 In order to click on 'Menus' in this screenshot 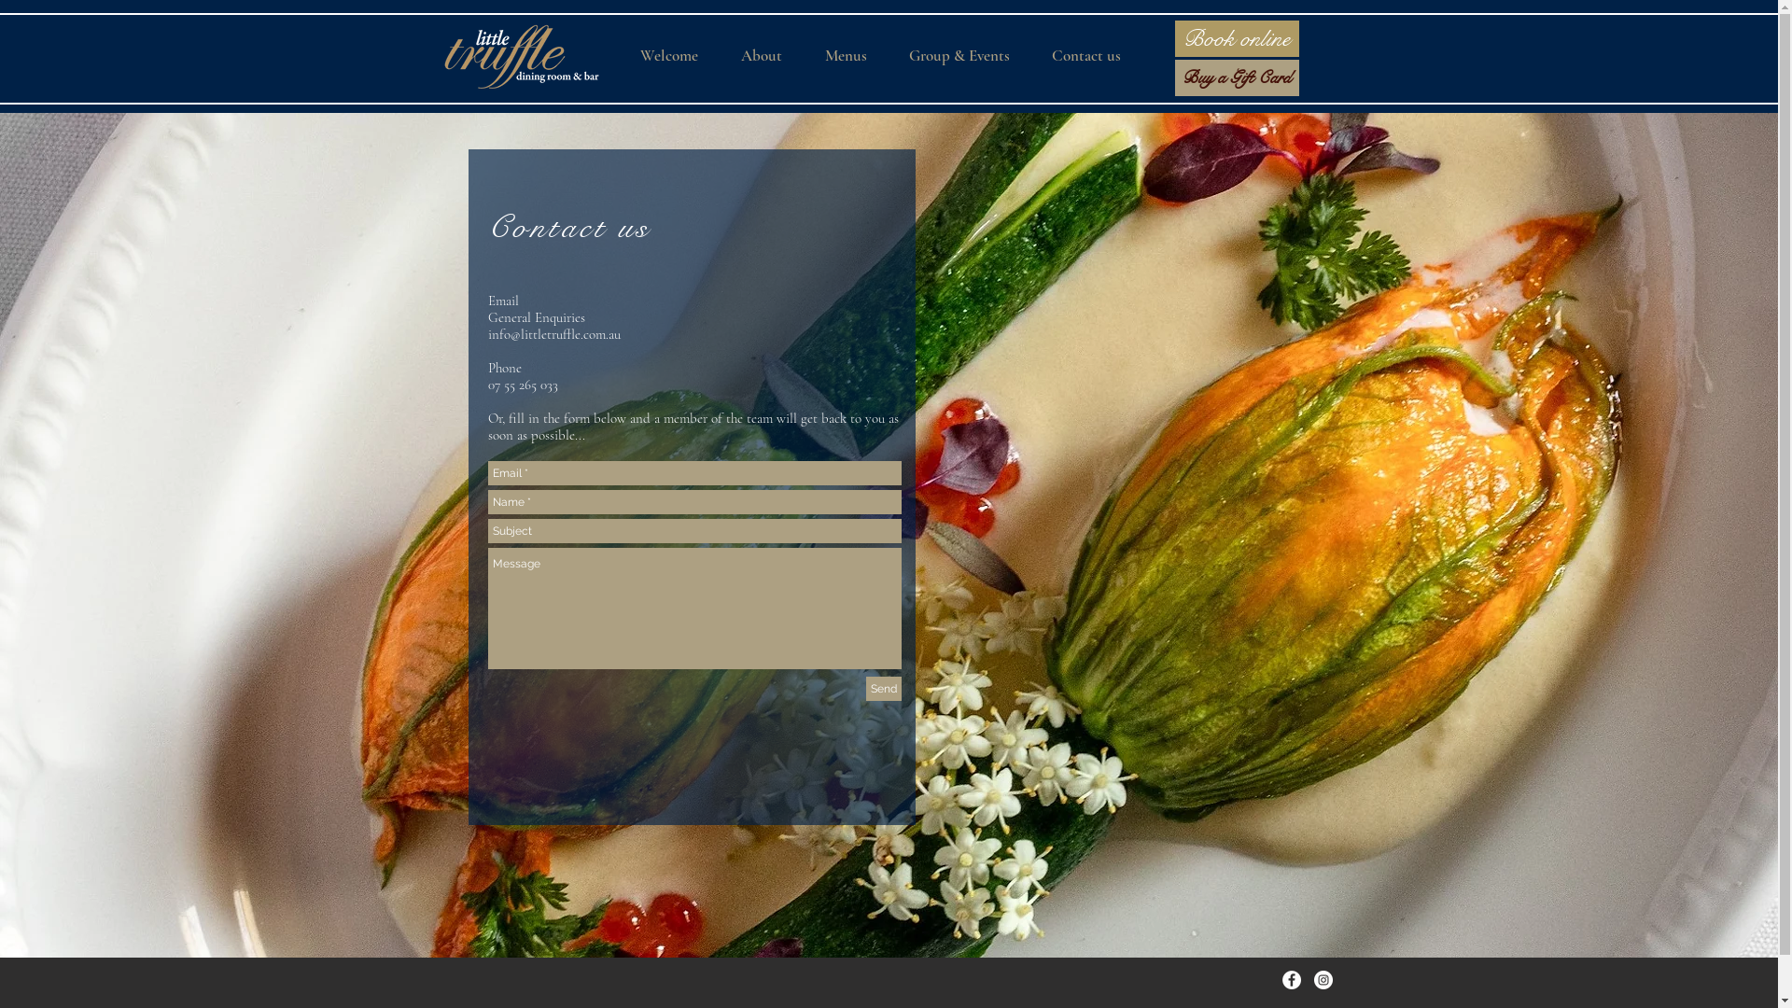, I will do `click(853, 55)`.